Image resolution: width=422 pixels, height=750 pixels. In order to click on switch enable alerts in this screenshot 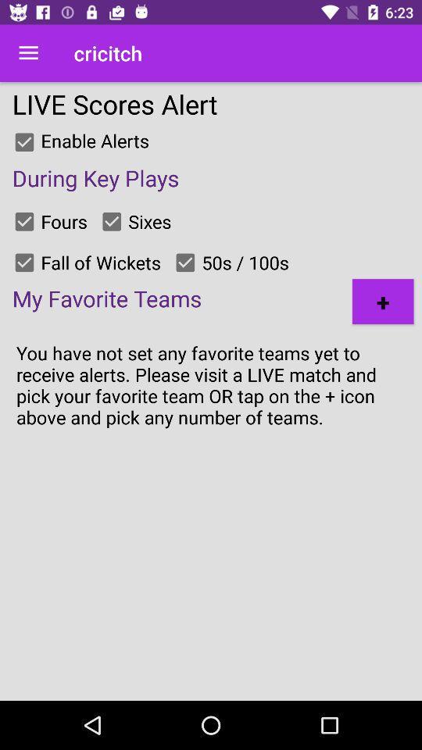, I will do `click(23, 142)`.